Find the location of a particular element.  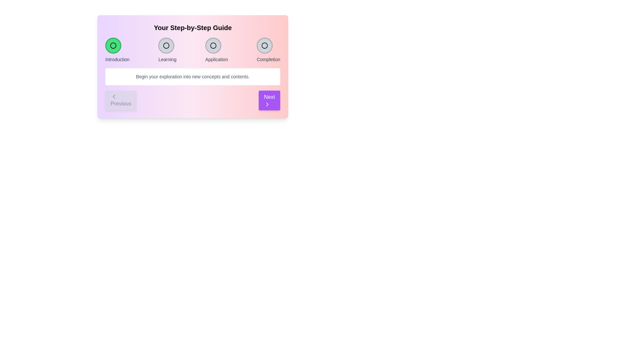

the first step indicator in the multi-step process flow, which is located above the 'Introduction' label is located at coordinates (113, 45).